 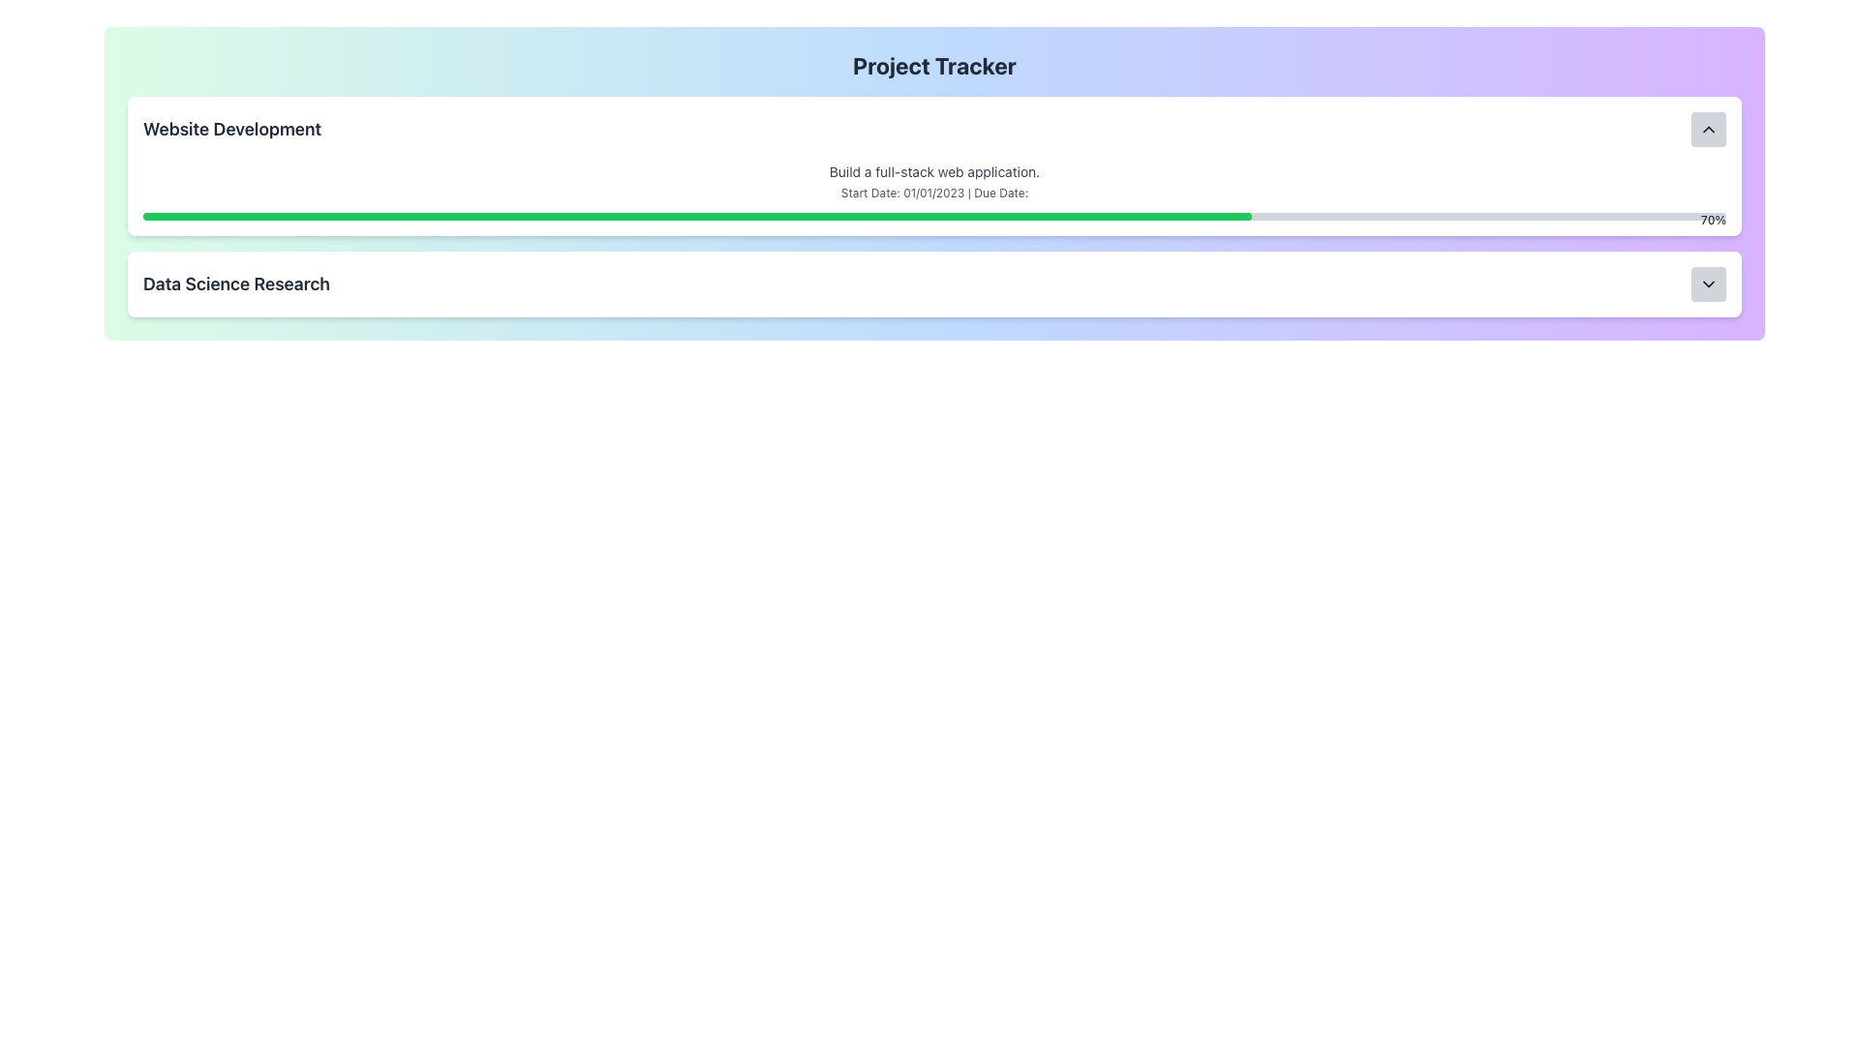 What do you see at coordinates (1709, 130) in the screenshot?
I see `the upward-pointing chevron icon located in the upper-right corner of the 'Website Development' section, which is nested within a rounded rectangular button with a gray background` at bounding box center [1709, 130].